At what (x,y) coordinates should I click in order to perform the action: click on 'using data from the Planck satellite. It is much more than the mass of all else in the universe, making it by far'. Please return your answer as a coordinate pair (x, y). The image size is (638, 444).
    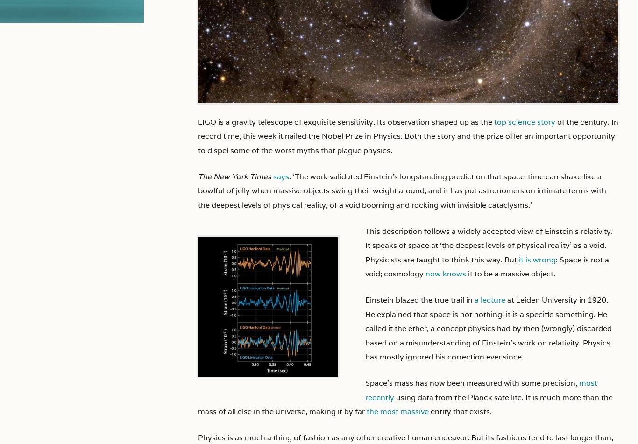
    Looking at the image, I should click on (198, 403).